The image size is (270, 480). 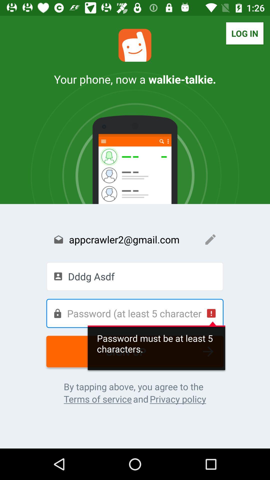 I want to click on the item at the top right corner, so click(x=244, y=33).